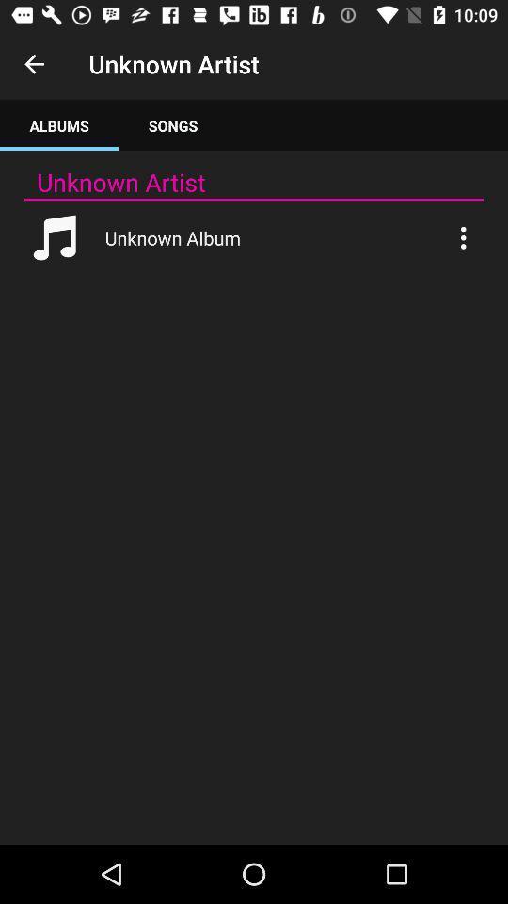 Image resolution: width=508 pixels, height=904 pixels. I want to click on item next to the albums item, so click(173, 124).